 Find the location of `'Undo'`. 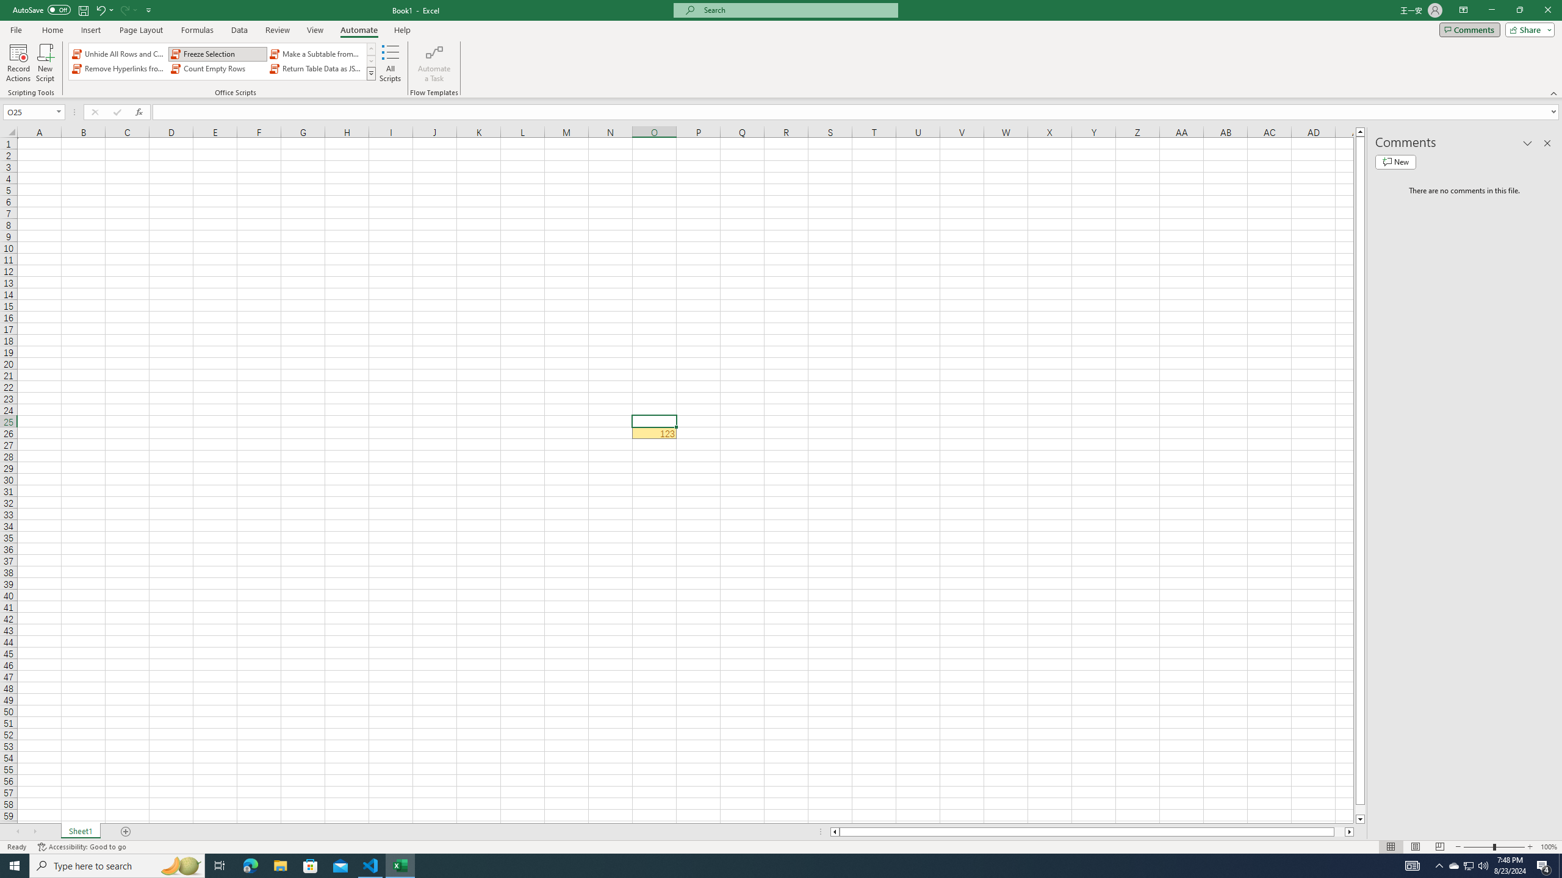

'Undo' is located at coordinates (99, 9).